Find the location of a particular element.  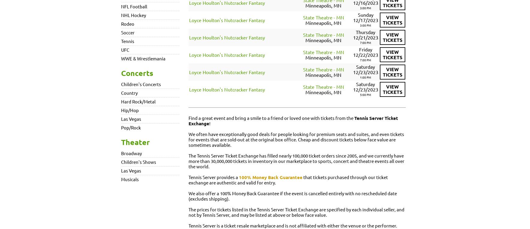

'The prices for tickets listed in the Tennis Server Ticket Exchange are specified by each individual seller, and not by Tennis Server, and may be listed at above or below face value.' is located at coordinates (296, 212).